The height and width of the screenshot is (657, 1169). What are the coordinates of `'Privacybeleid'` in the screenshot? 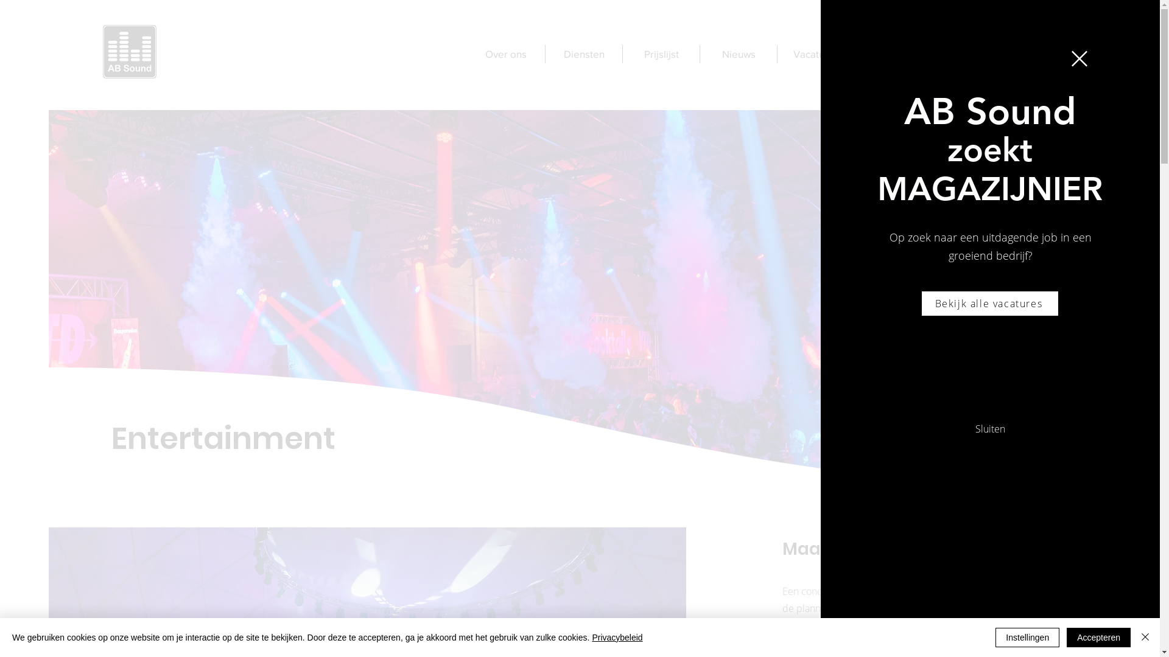 It's located at (617, 637).